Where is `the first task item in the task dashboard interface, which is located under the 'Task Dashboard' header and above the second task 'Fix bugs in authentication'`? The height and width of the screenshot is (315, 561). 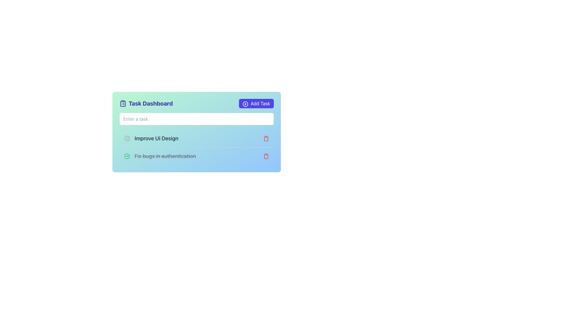 the first task item in the task dashboard interface, which is located under the 'Task Dashboard' header and above the second task 'Fix bugs in authentication' is located at coordinates (150, 138).